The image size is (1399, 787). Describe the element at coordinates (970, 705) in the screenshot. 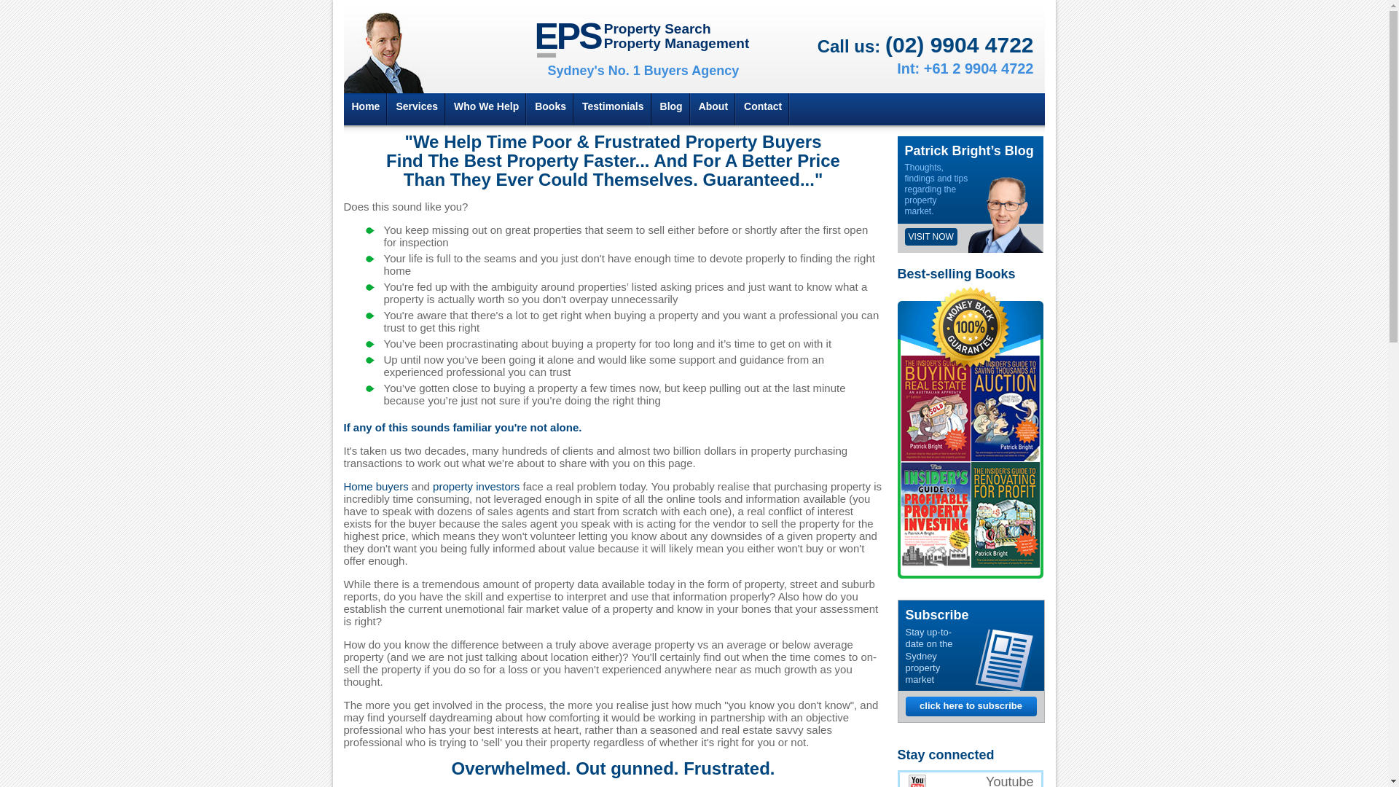

I see `'click here to subscribe'` at that location.